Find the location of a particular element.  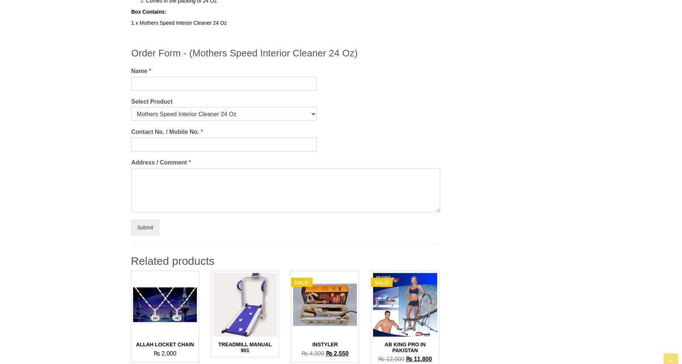

'1 x Mothers Speed Interior Cleaner 24 Oz' is located at coordinates (131, 22).